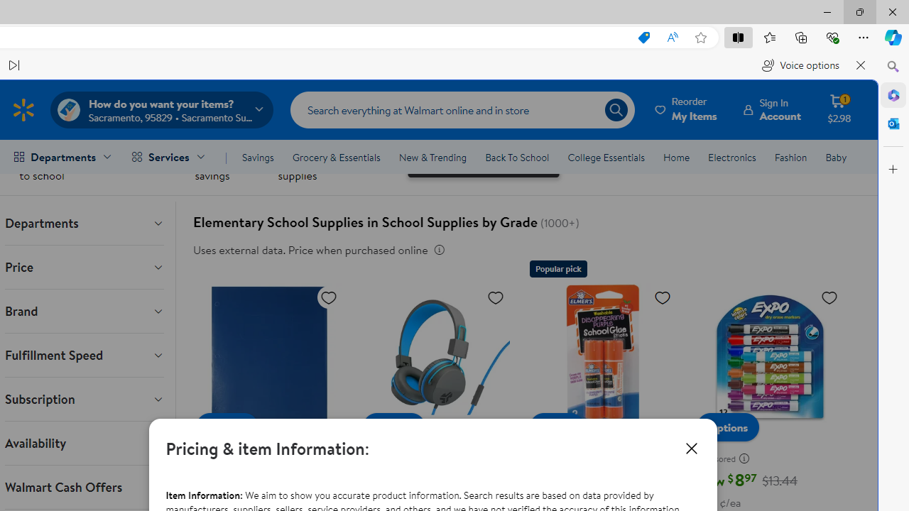 The height and width of the screenshot is (511, 909). I want to click on 'Close read aloud', so click(860, 65).